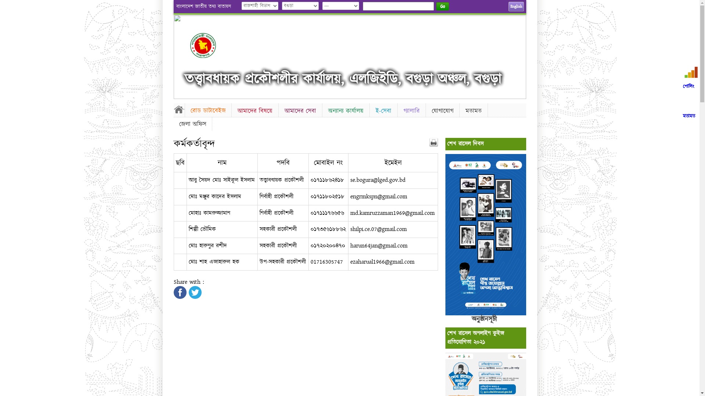 The width and height of the screenshot is (705, 396). Describe the element at coordinates (178, 109) in the screenshot. I see `'Home'` at that location.